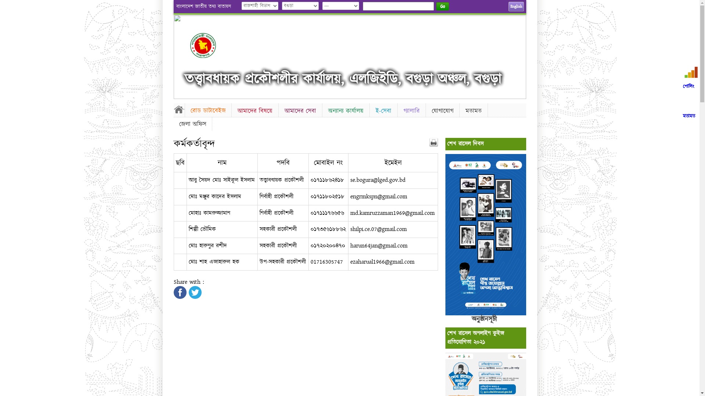 The width and height of the screenshot is (705, 396). Describe the element at coordinates (178, 109) in the screenshot. I see `'Home'` at that location.